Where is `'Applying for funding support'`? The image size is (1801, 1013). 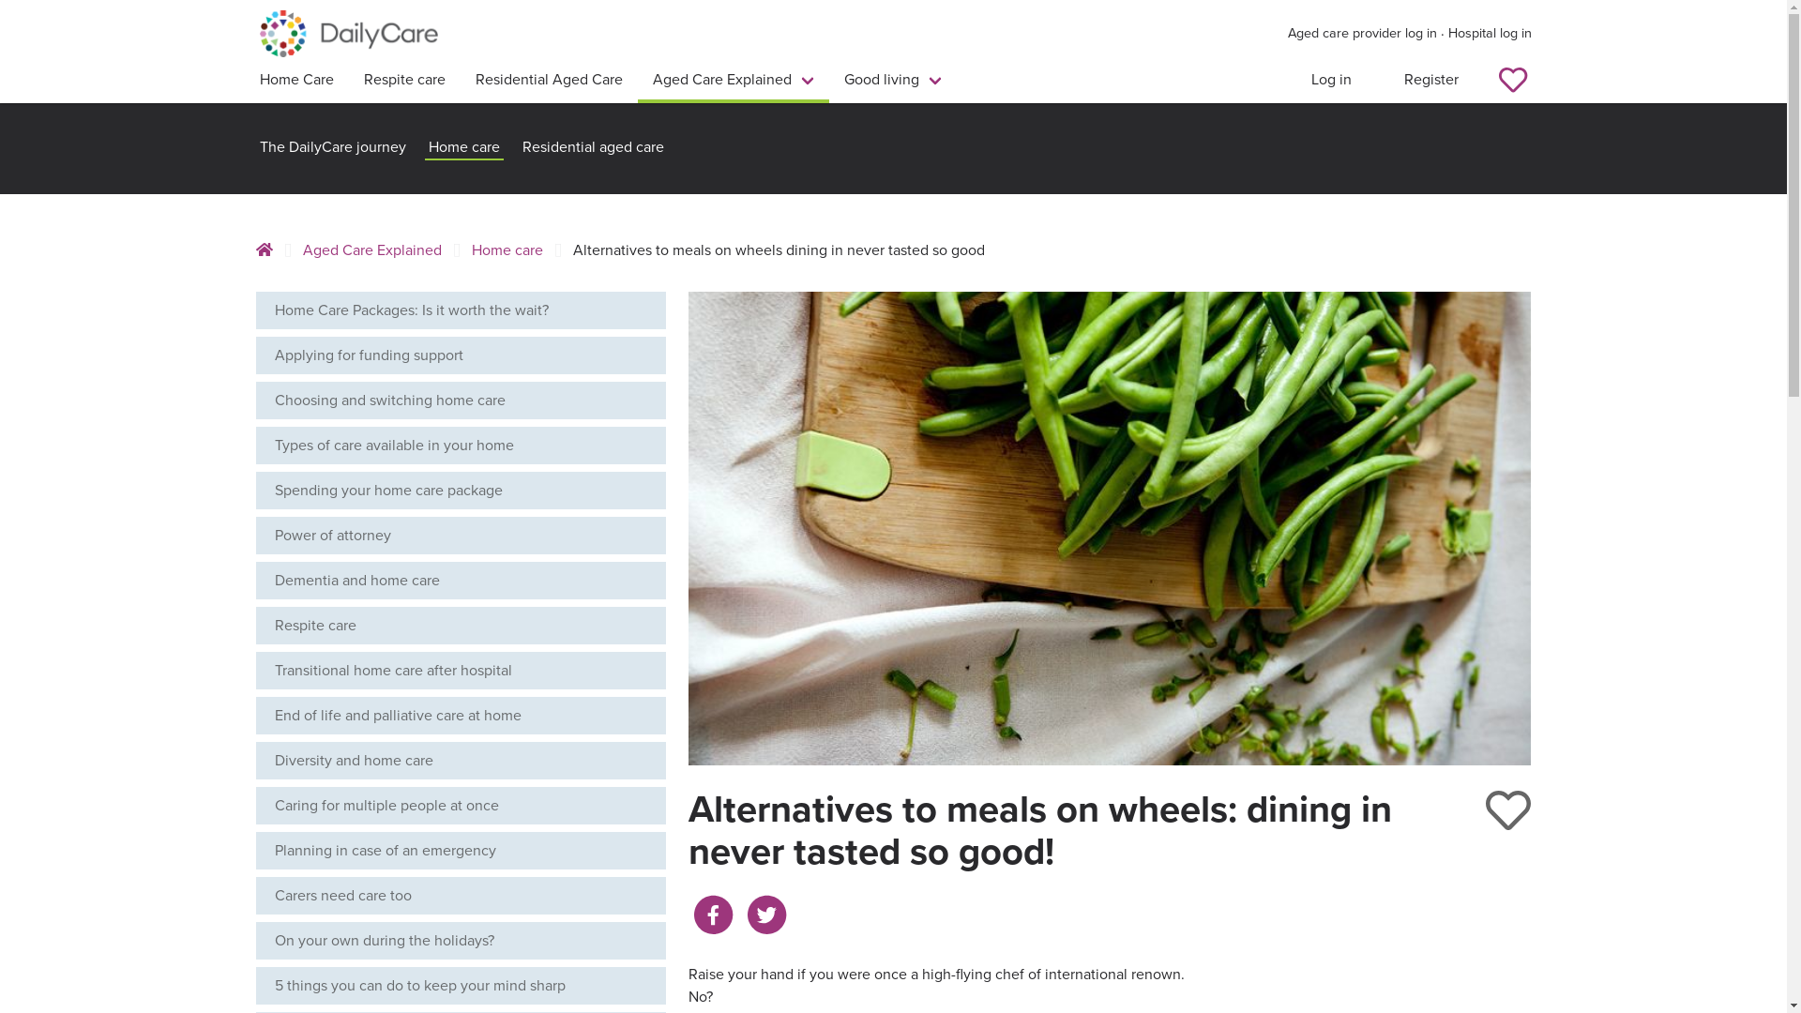 'Applying for funding support' is located at coordinates (460, 355).